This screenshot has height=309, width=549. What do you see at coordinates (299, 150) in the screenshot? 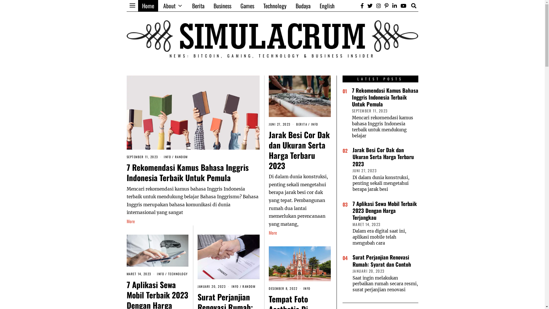
I see `'Jarak Besi Cor Dak dan Ukuran Serta Harga Terbaru 2023'` at bounding box center [299, 150].